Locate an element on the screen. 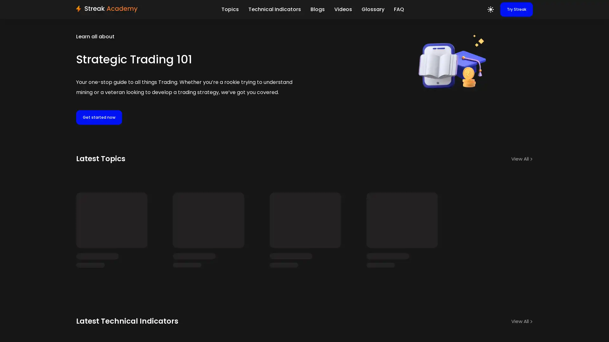 Image resolution: width=609 pixels, height=342 pixels. Try Streak is located at coordinates (516, 9).